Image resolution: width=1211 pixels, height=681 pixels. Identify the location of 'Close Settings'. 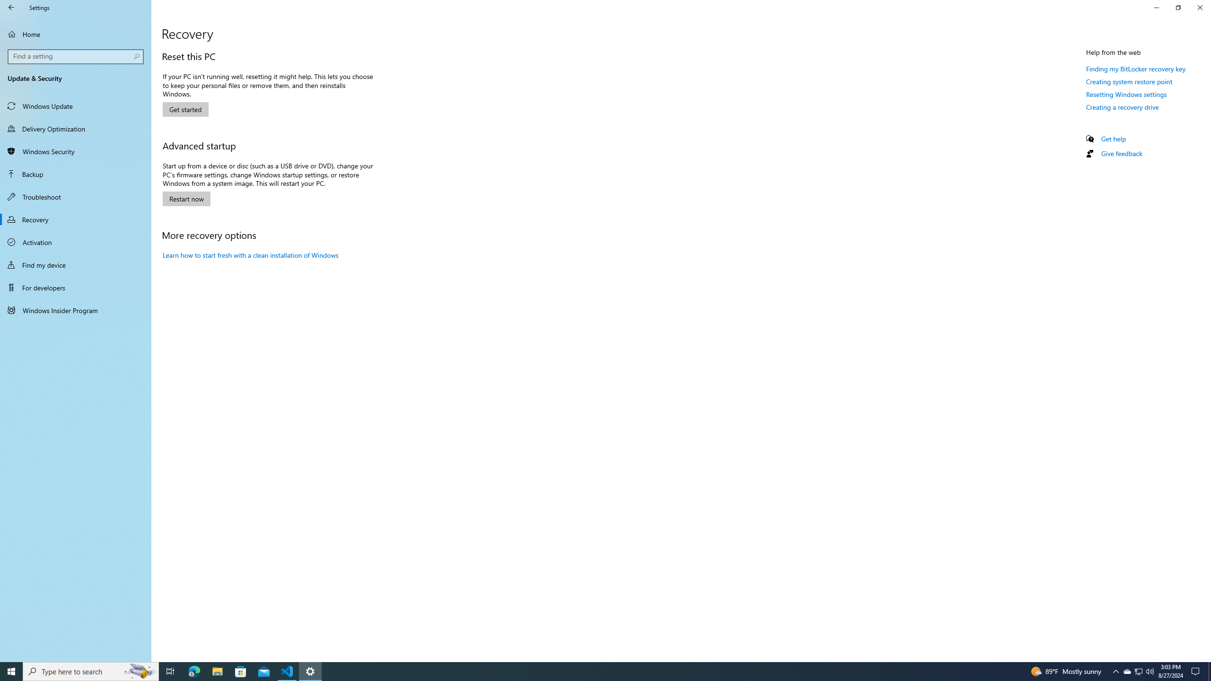
(1199, 7).